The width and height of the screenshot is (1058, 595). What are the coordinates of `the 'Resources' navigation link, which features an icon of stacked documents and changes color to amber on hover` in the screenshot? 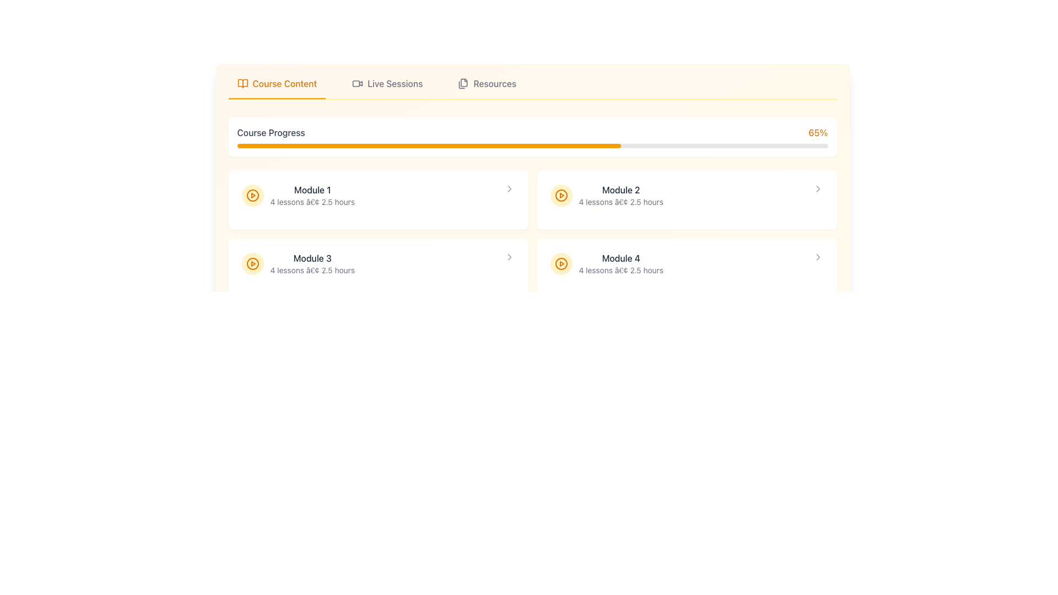 It's located at (487, 87).